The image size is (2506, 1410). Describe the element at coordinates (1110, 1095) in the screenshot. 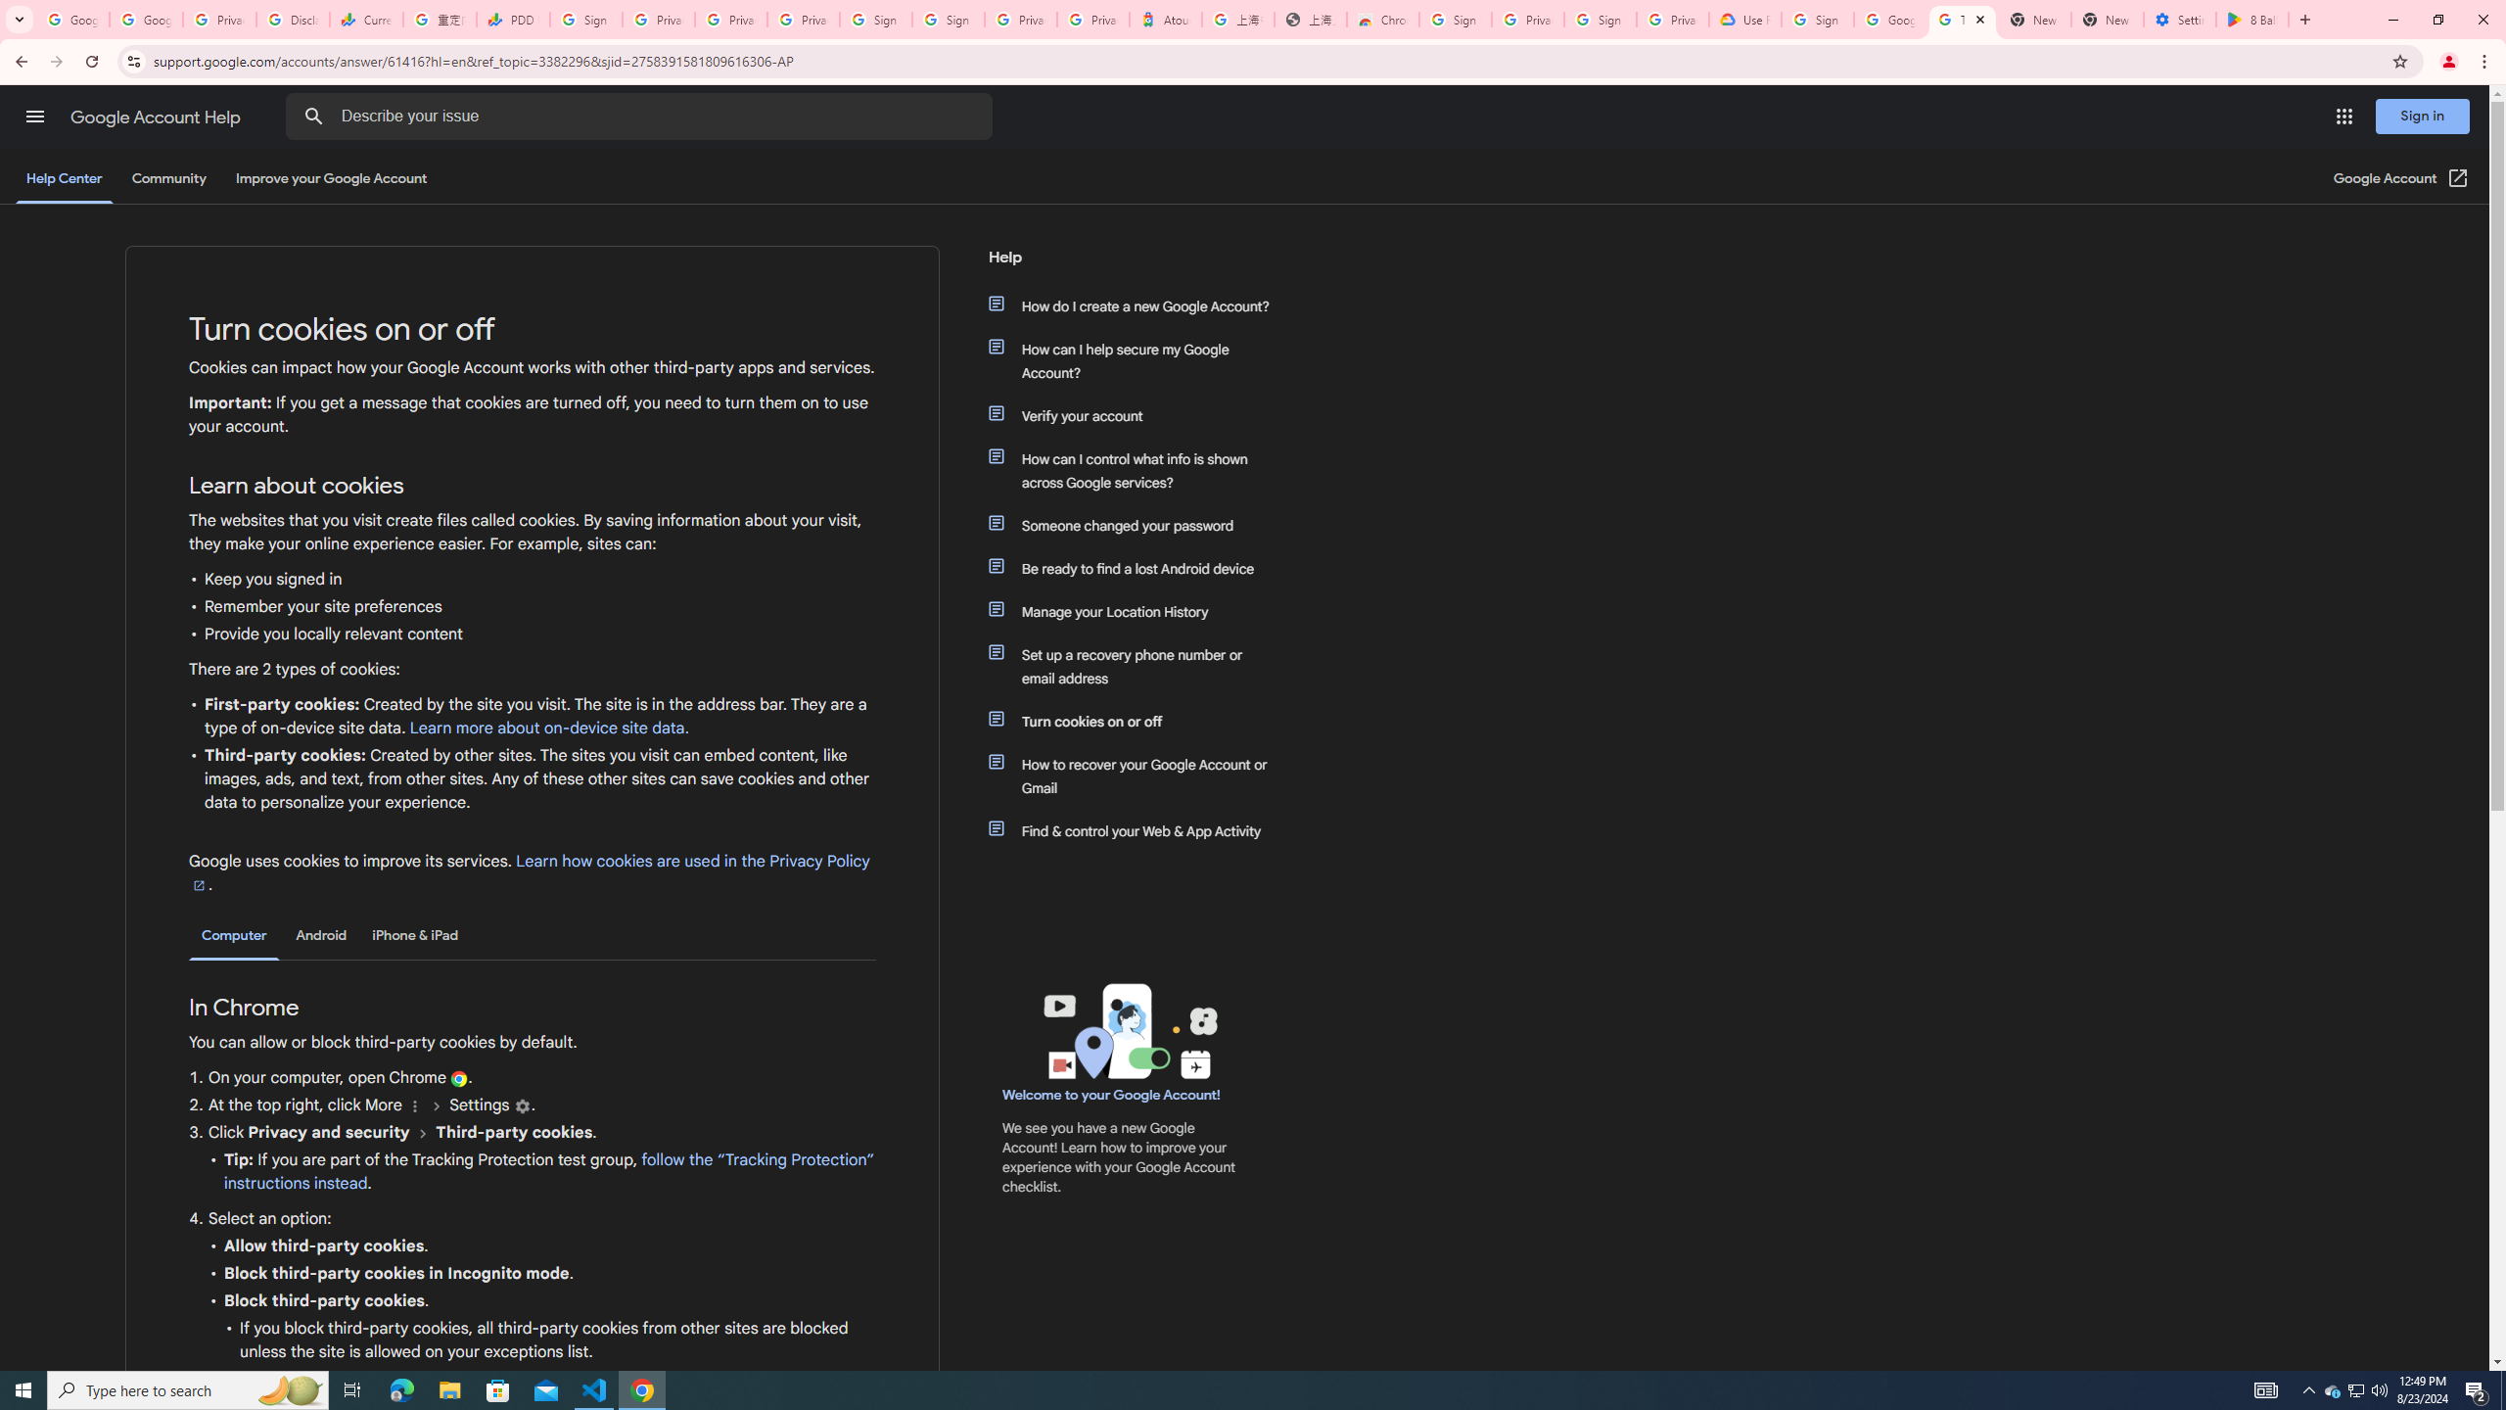

I see `'Welcome to your Google Account!'` at that location.